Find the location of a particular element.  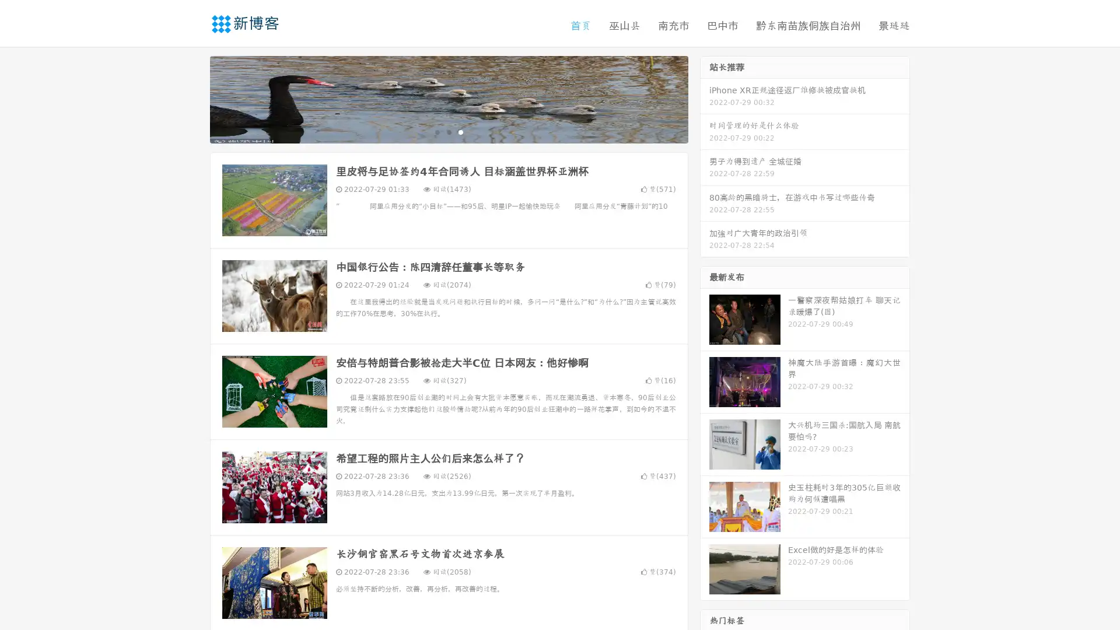

Previous slide is located at coordinates (192, 98).